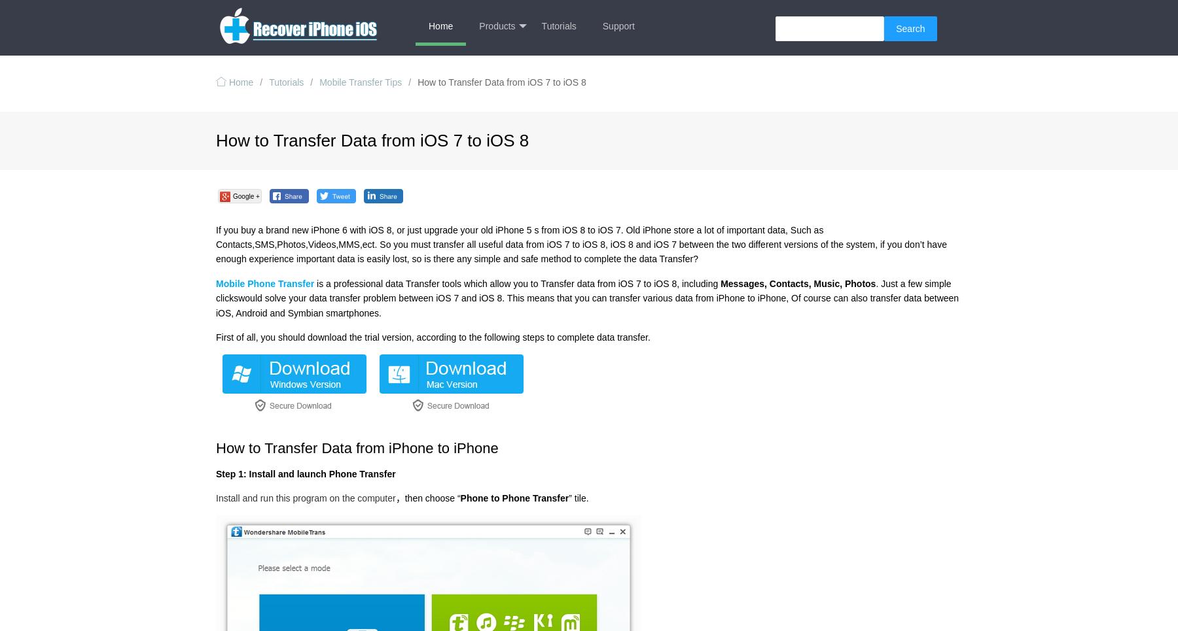 This screenshot has width=1178, height=631. I want to click on 'then choose “', so click(432, 496).